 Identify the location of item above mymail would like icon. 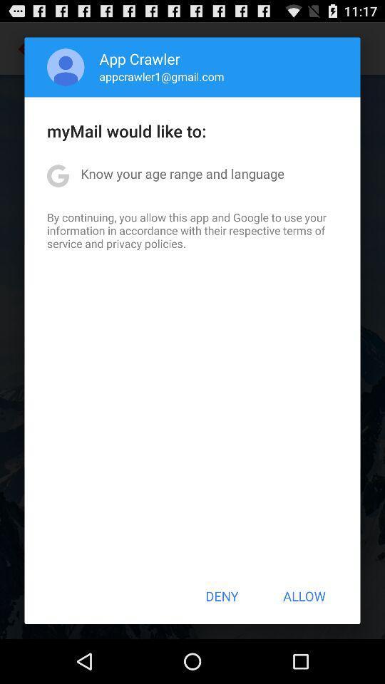
(161, 76).